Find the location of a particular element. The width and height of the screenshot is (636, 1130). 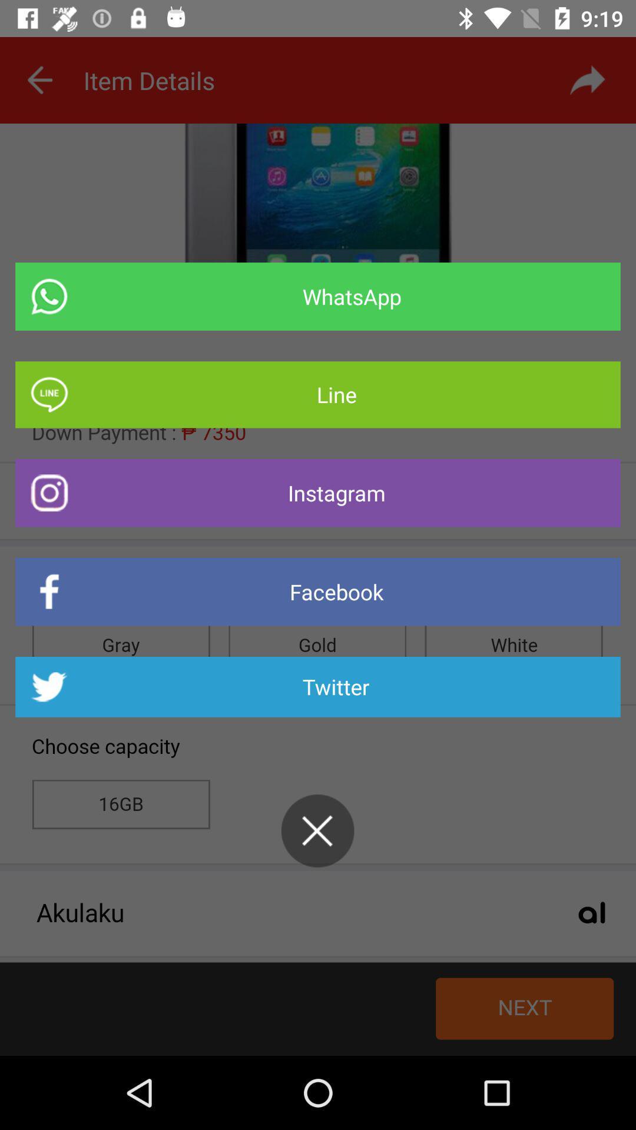

the icon below twitter icon is located at coordinates (317, 830).